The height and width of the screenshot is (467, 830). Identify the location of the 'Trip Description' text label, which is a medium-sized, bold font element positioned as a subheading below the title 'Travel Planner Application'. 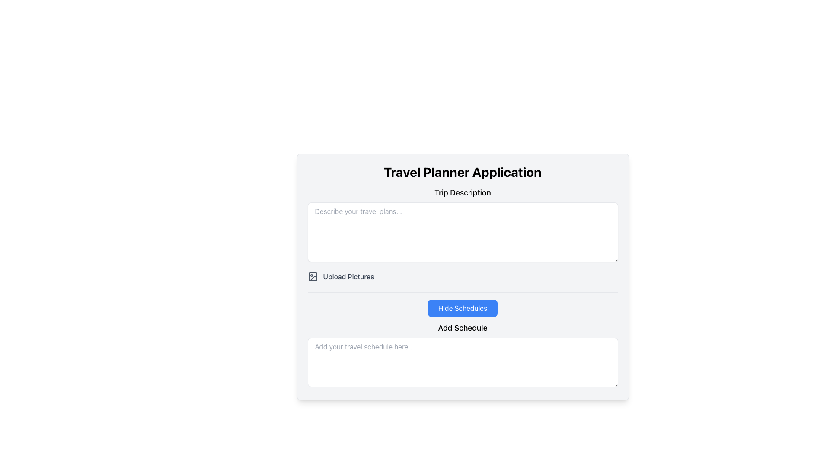
(462, 192).